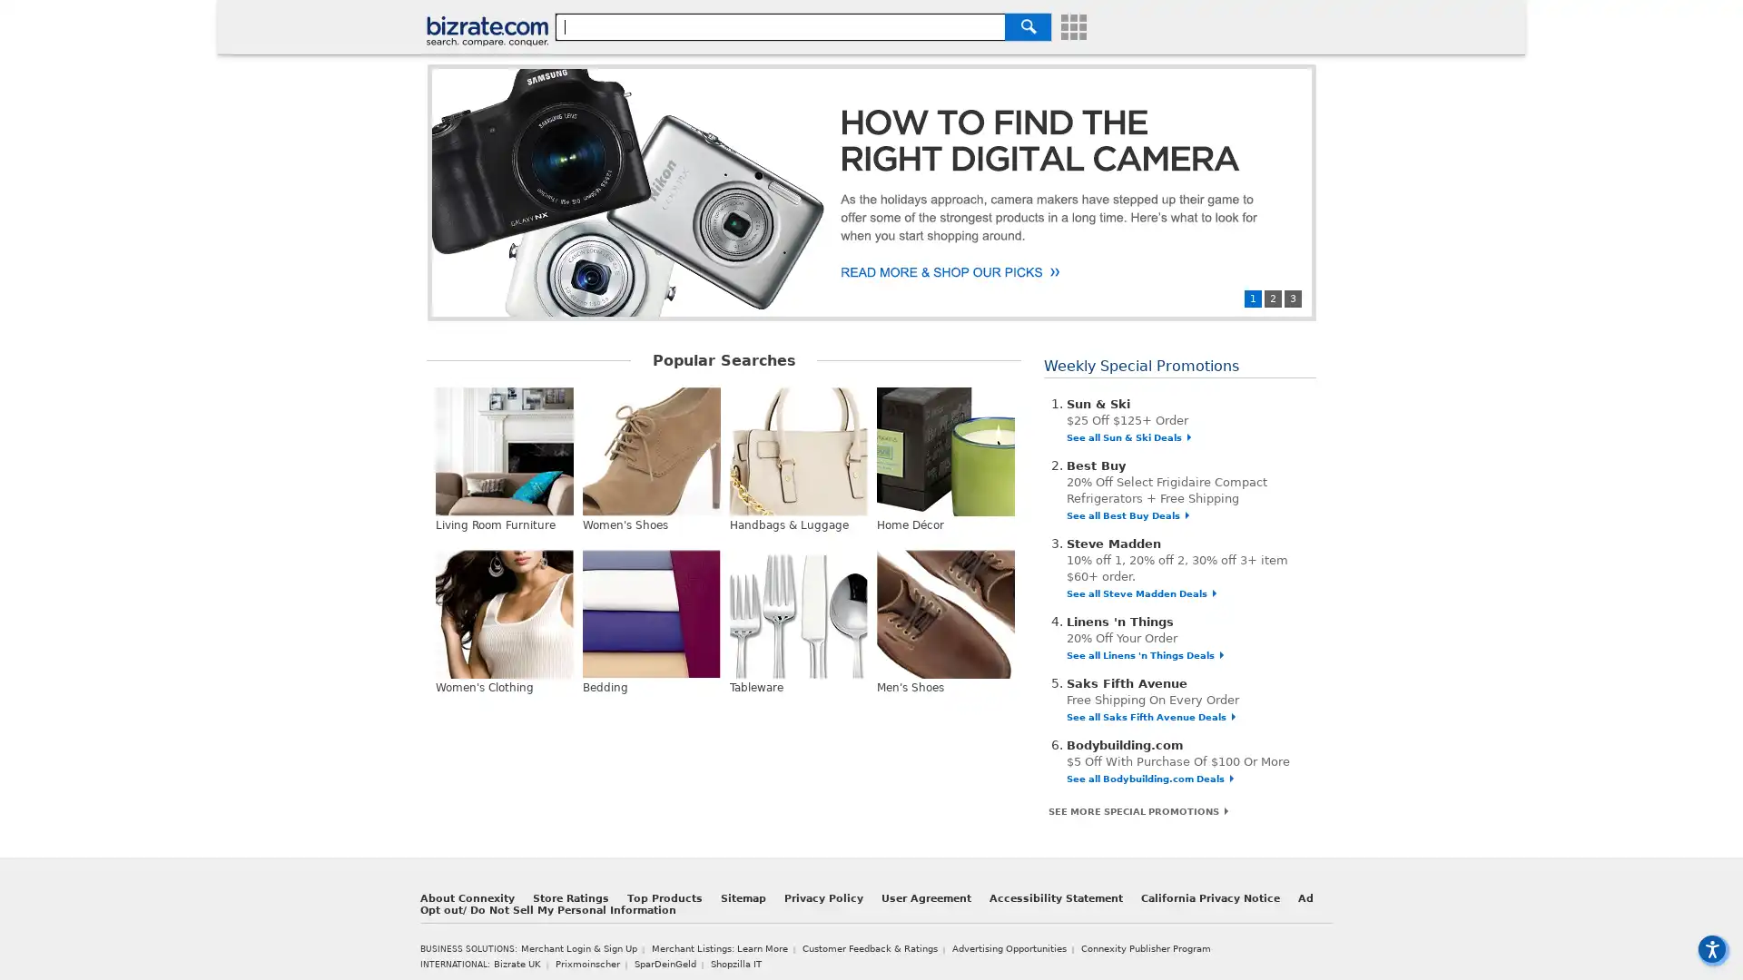 The image size is (1743, 980). What do you see at coordinates (1710, 947) in the screenshot?
I see `Open accessibility options, statement and help` at bounding box center [1710, 947].